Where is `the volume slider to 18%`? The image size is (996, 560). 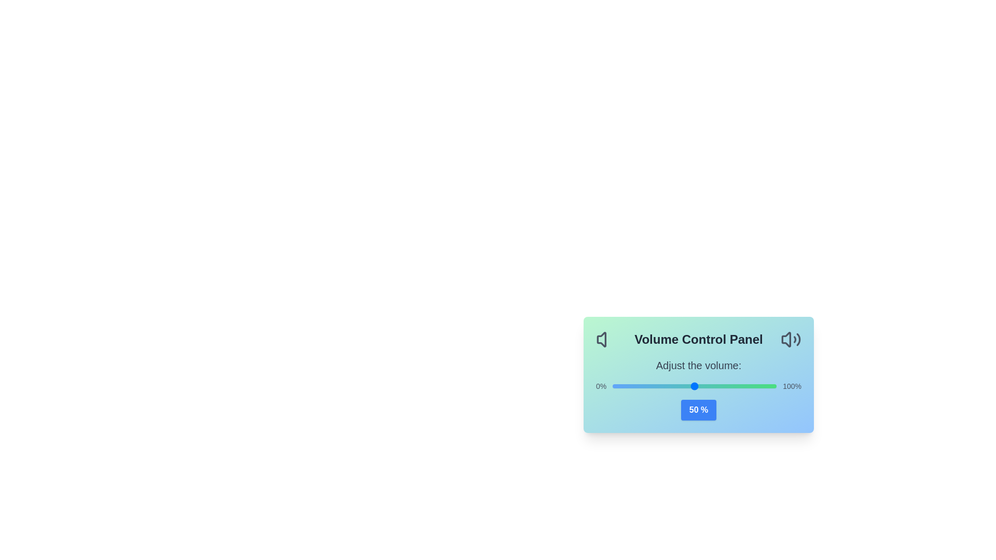 the volume slider to 18% is located at coordinates (642, 386).